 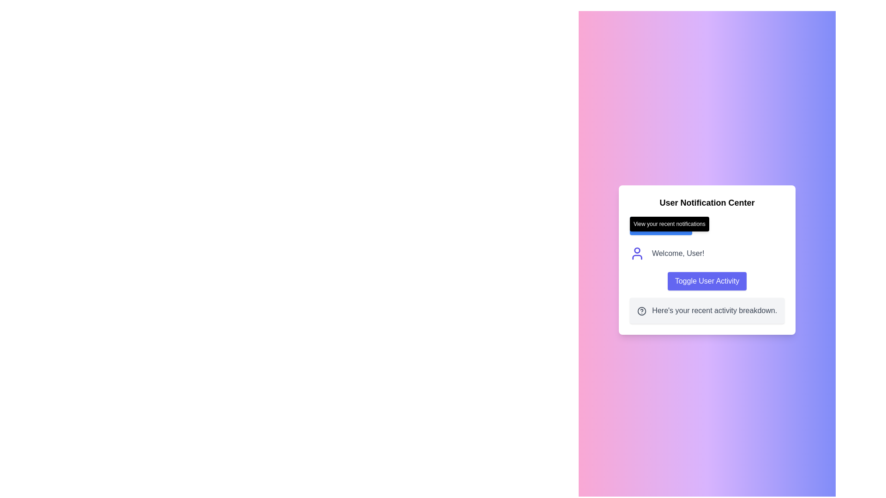 I want to click on the lower middle section of the notification bell icon, which represents recent notifications in the User Notification Center panel, so click(x=638, y=225).